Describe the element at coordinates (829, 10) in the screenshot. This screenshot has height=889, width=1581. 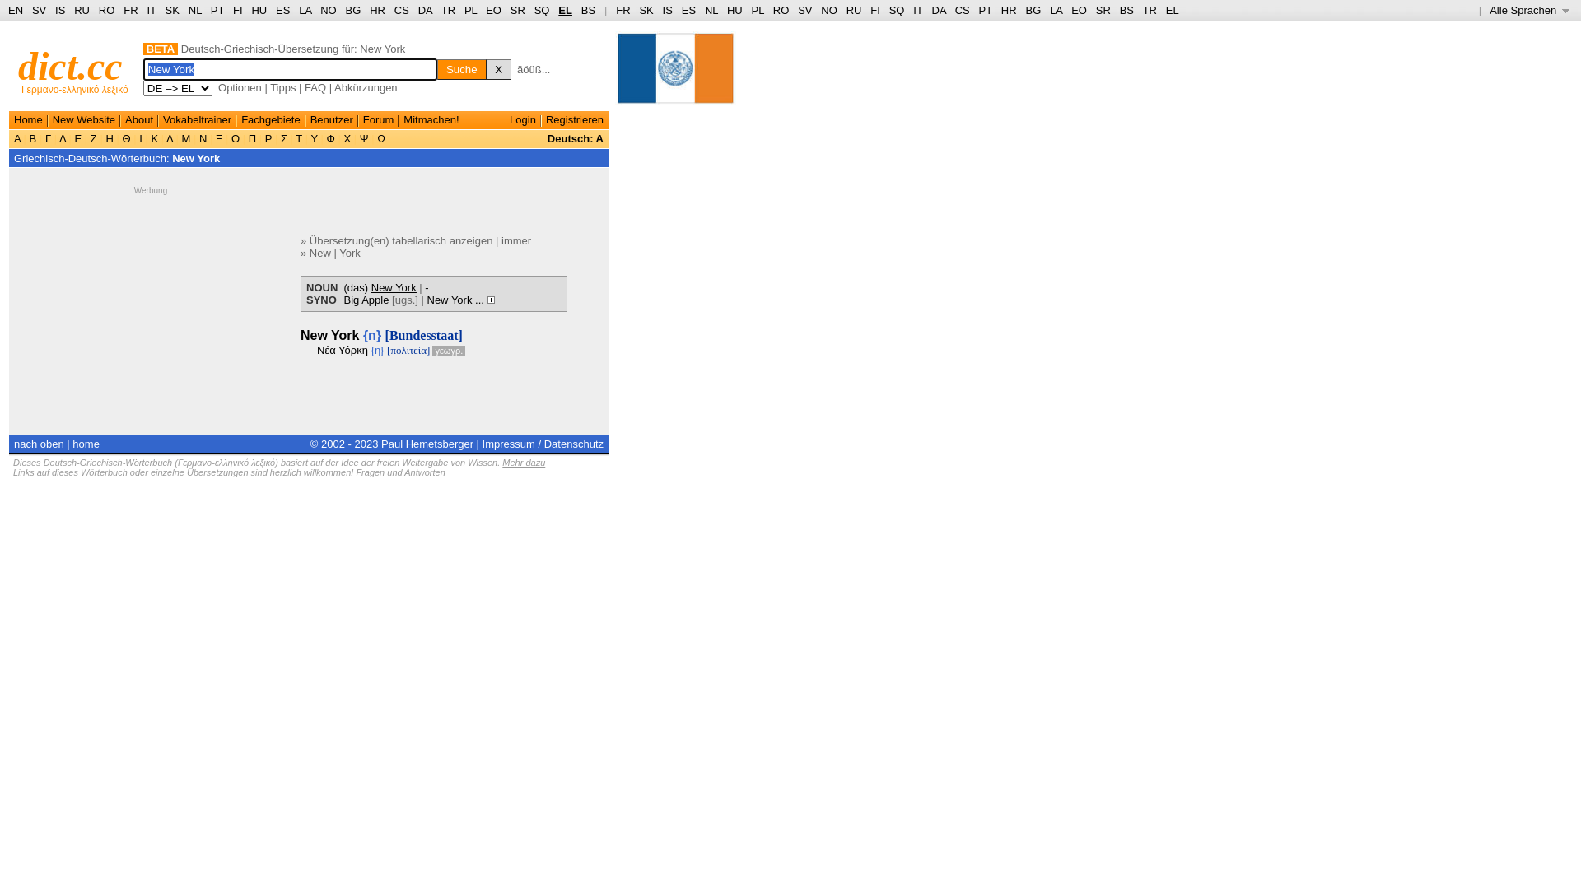
I see `'NO'` at that location.